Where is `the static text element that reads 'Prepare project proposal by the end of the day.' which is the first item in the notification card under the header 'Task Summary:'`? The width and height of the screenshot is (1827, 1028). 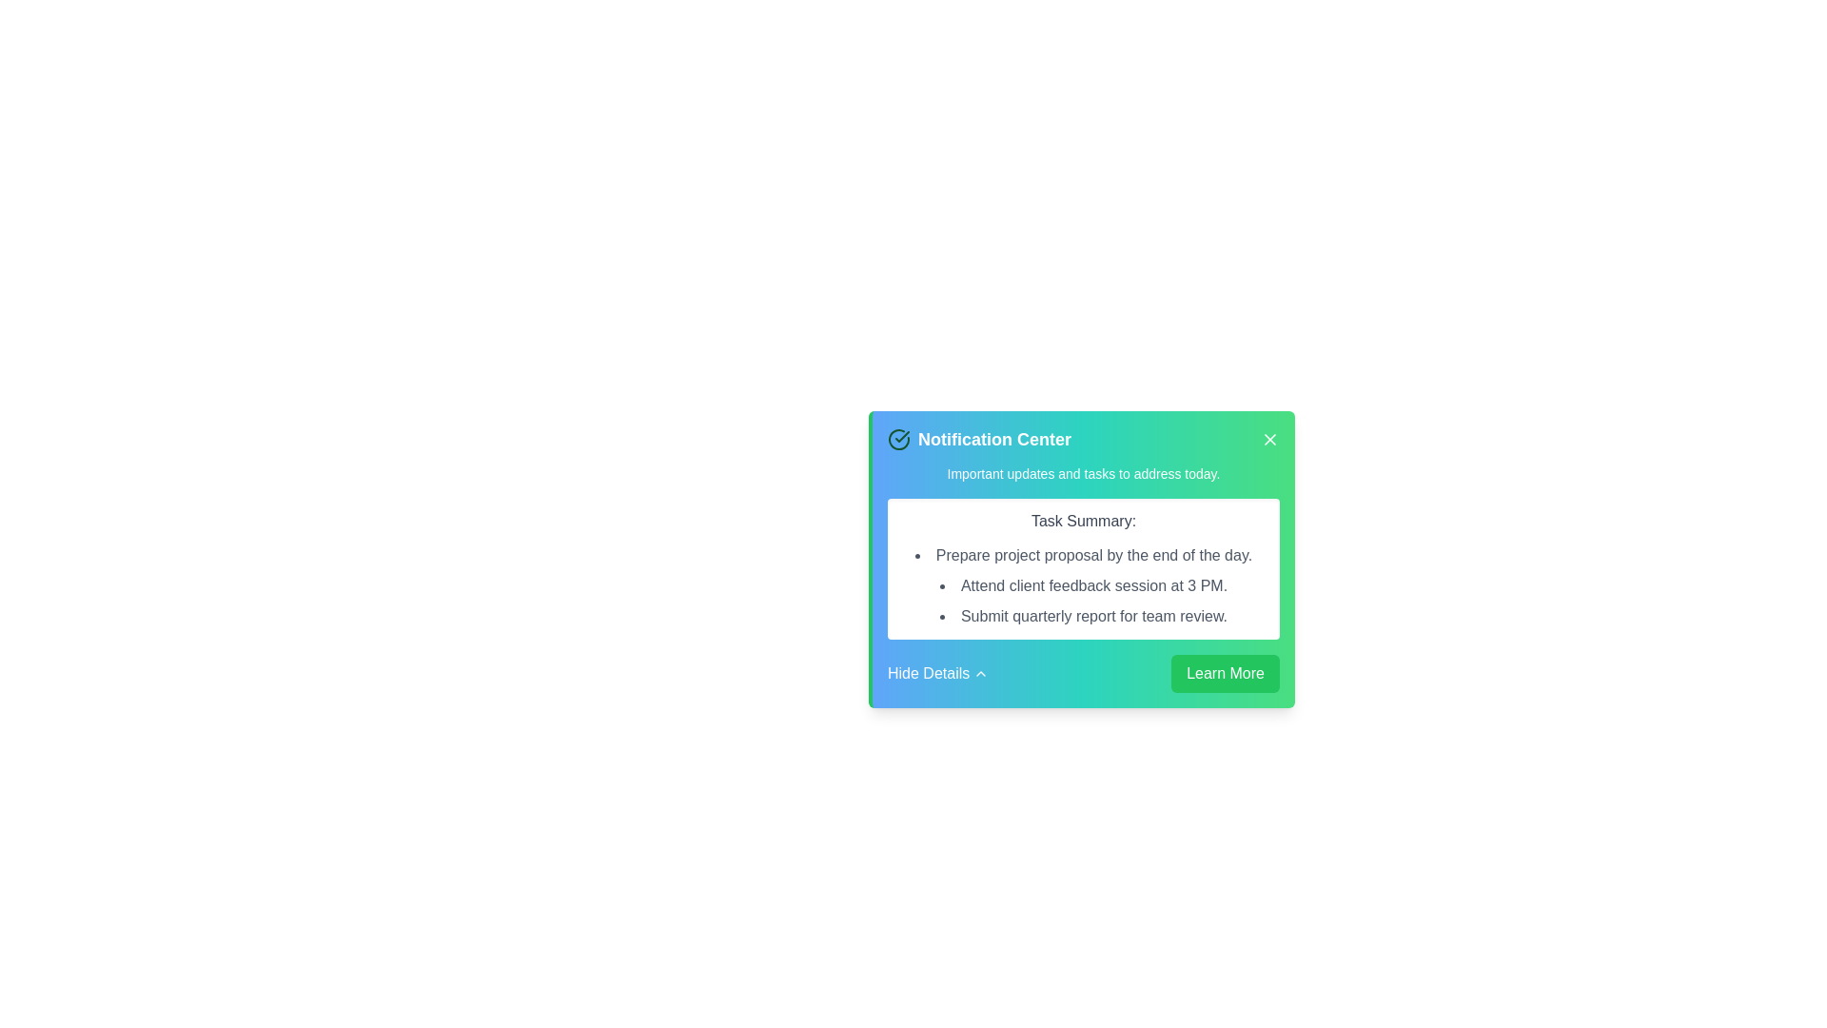 the static text element that reads 'Prepare project proposal by the end of the day.' which is the first item in the notification card under the header 'Task Summary:' is located at coordinates (1083, 555).